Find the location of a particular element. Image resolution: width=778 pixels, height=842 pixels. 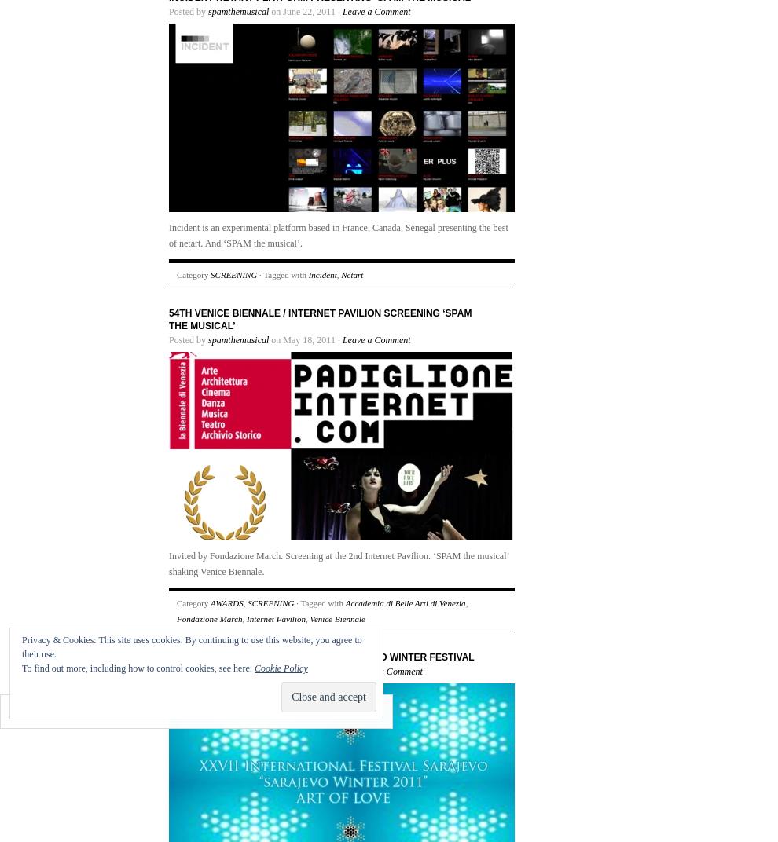

'AWARDS' is located at coordinates (226, 602).